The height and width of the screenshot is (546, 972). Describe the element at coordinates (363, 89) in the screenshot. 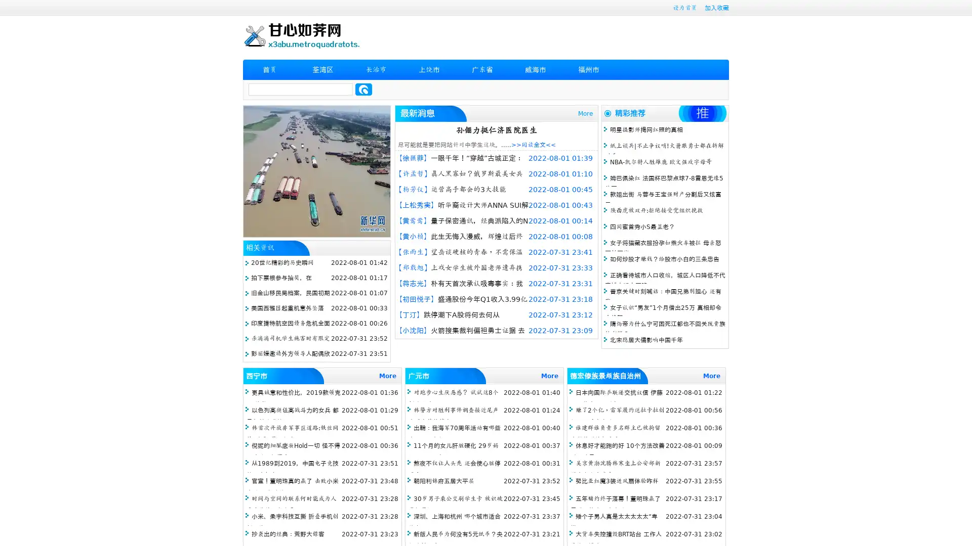

I see `Search` at that location.